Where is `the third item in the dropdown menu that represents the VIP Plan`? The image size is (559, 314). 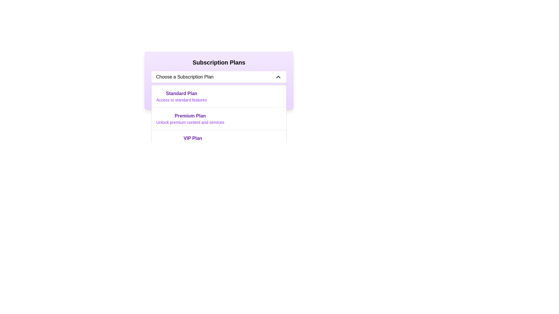
the third item in the dropdown menu that represents the VIP Plan is located at coordinates (219, 141).